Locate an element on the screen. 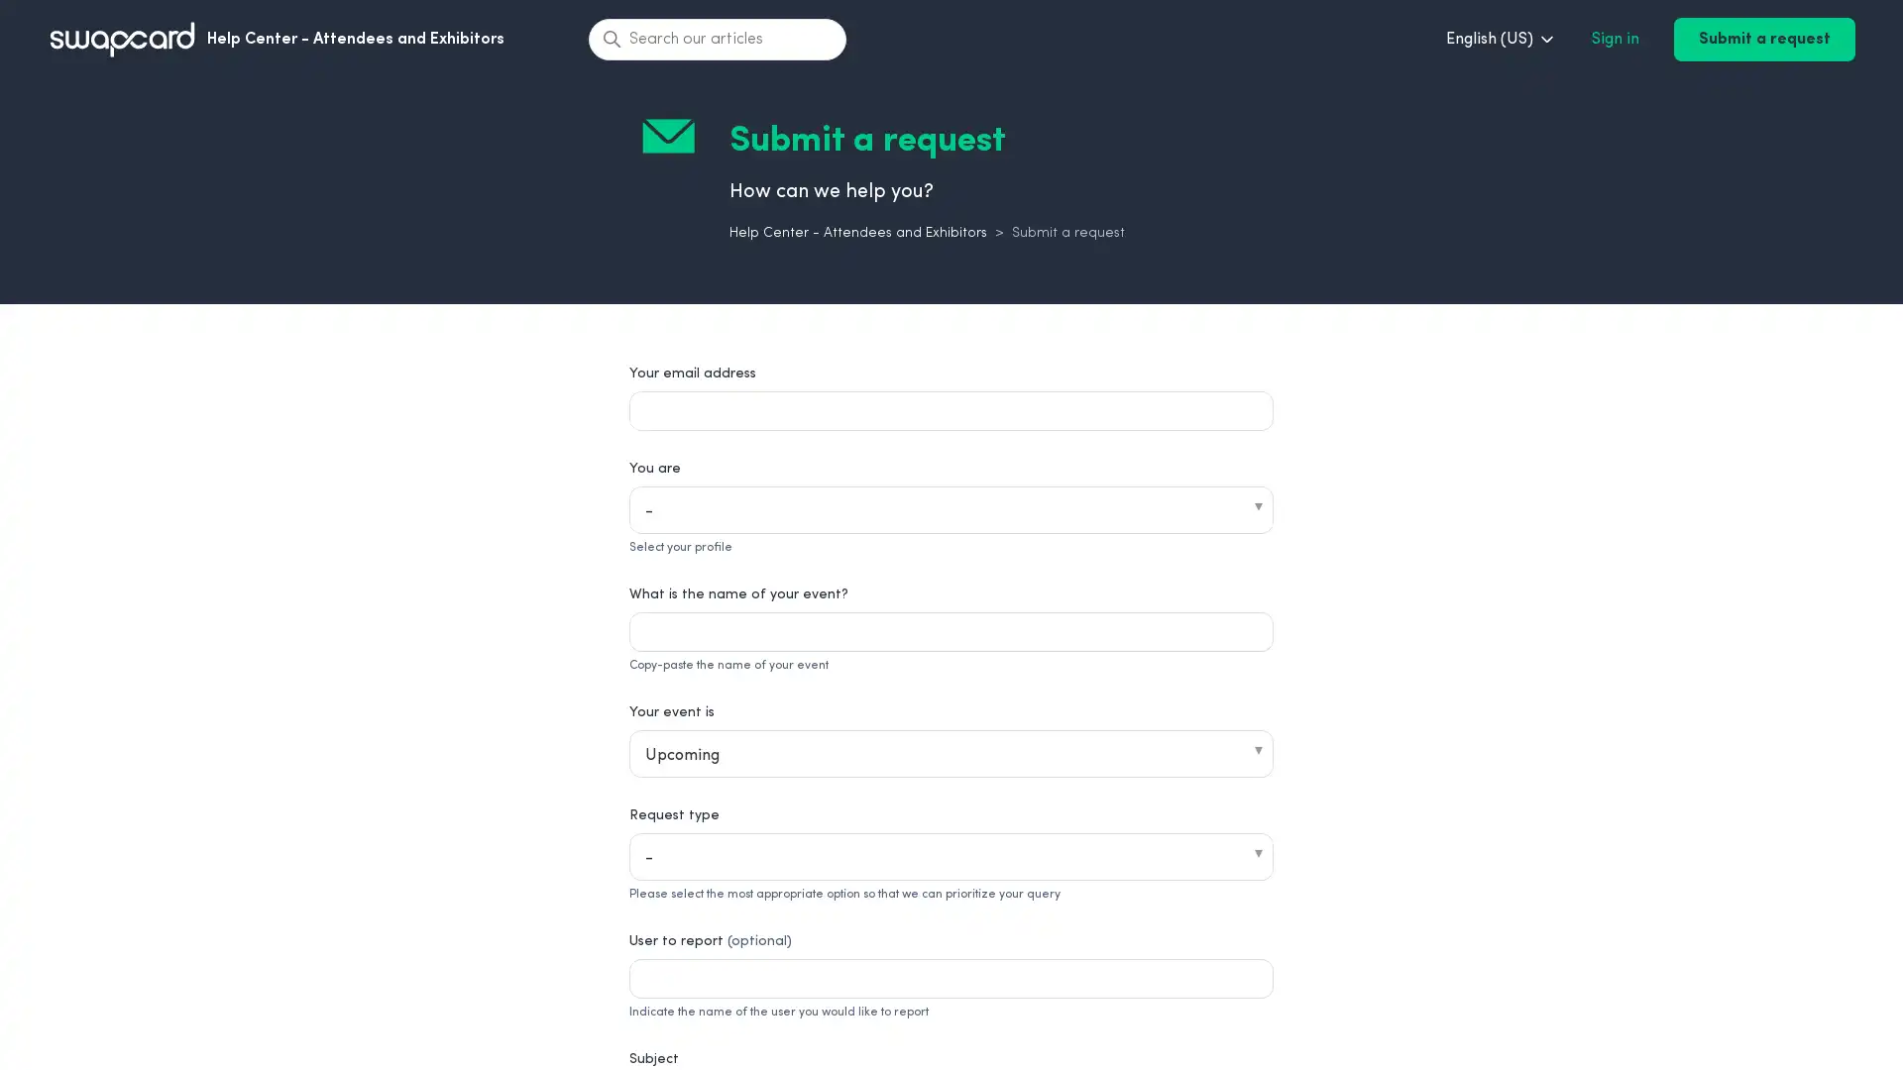 Image resolution: width=1903 pixels, height=1070 pixels. Sign in is located at coordinates (1616, 39).